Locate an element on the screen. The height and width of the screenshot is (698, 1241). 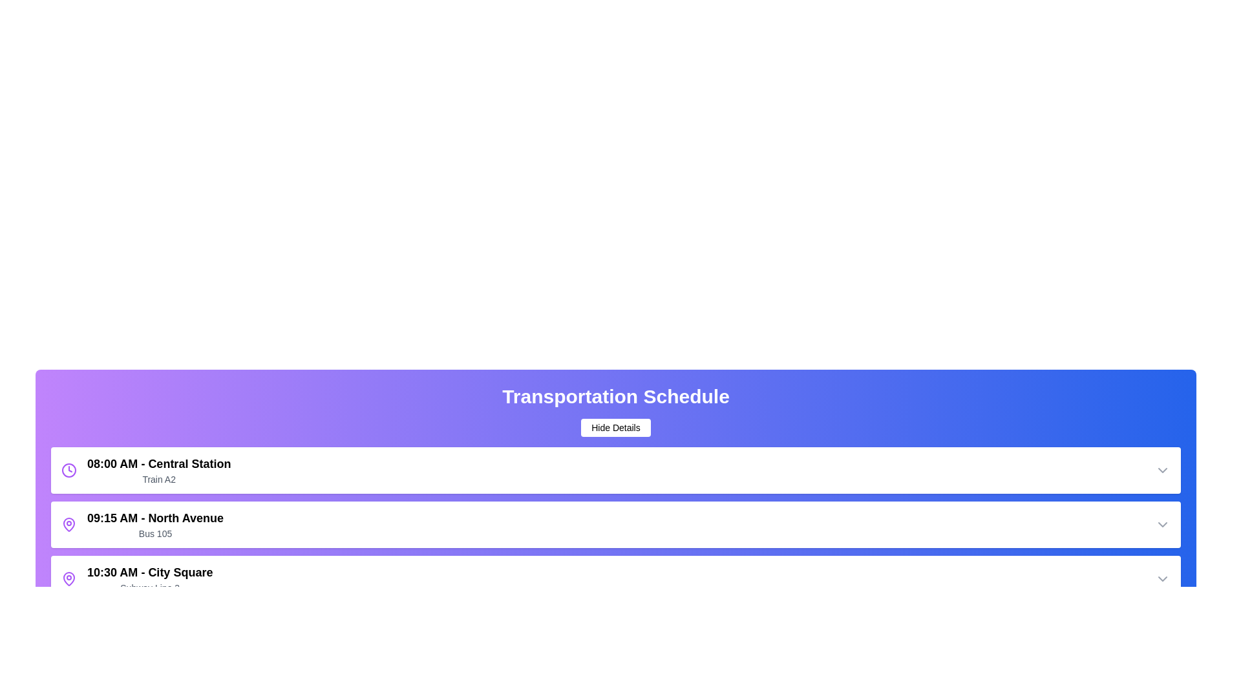
the clock icon of the schedule item at 08:00 AM is located at coordinates (68, 471).